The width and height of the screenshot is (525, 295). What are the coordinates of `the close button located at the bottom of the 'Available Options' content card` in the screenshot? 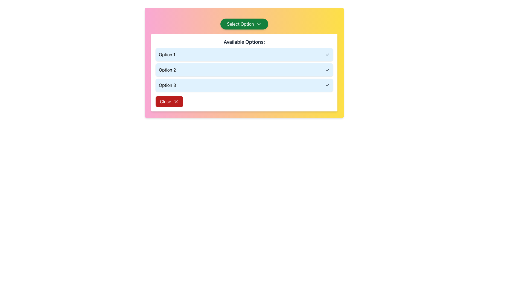 It's located at (169, 101).